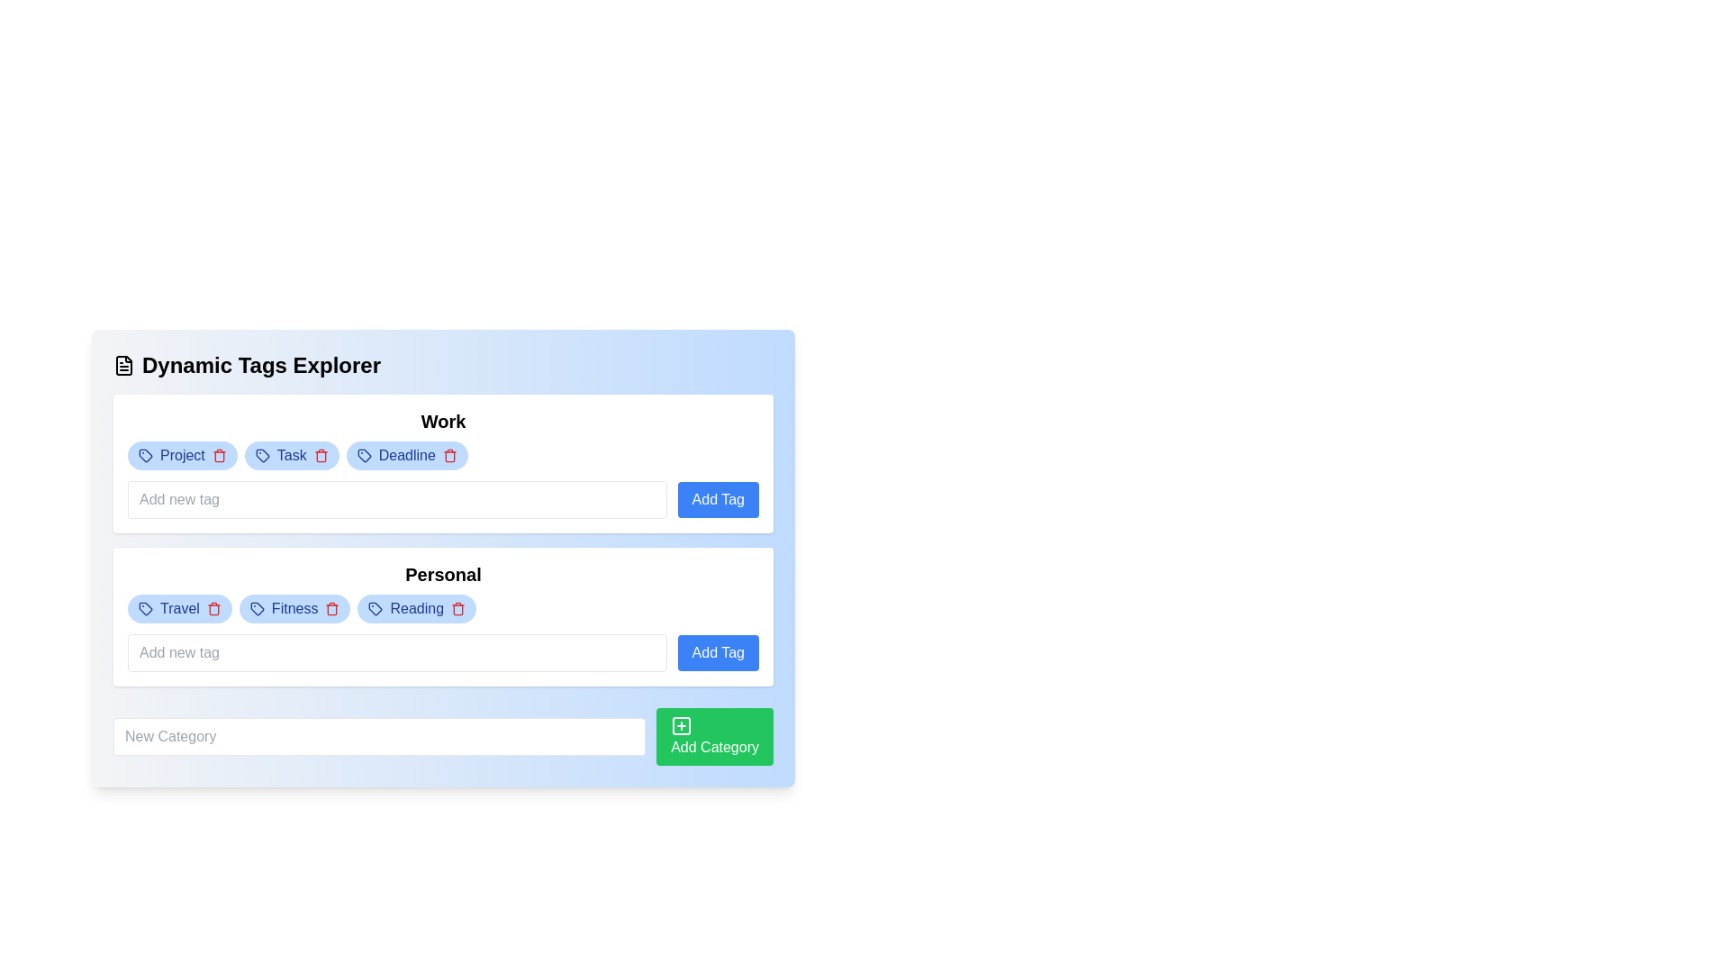 The width and height of the screenshot is (1729, 973). I want to click on the tag icon on the 'Reading' button, so click(416, 608).